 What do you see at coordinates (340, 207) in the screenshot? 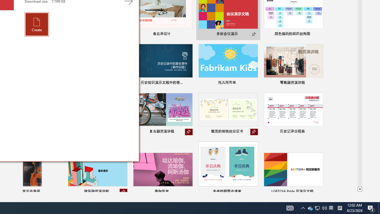
I see `'Tray Input Indicator - Chinese (Simplified, China)'` at bounding box center [340, 207].